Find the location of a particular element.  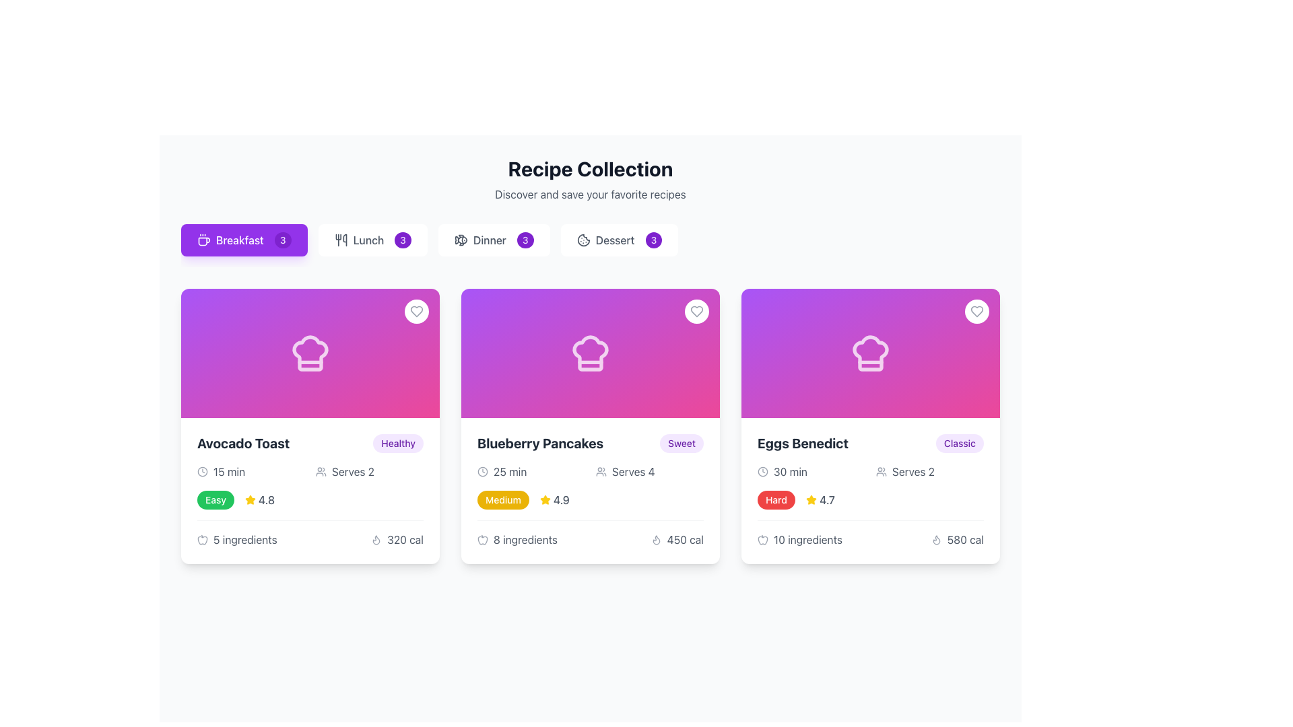

the 'favorite' button located at the top-right corner of the 'Eggs Benedict' recipe card is located at coordinates (976, 311).